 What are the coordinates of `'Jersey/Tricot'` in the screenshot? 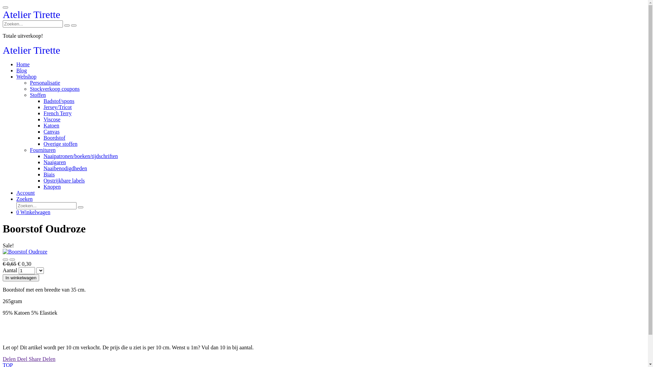 It's located at (57, 107).